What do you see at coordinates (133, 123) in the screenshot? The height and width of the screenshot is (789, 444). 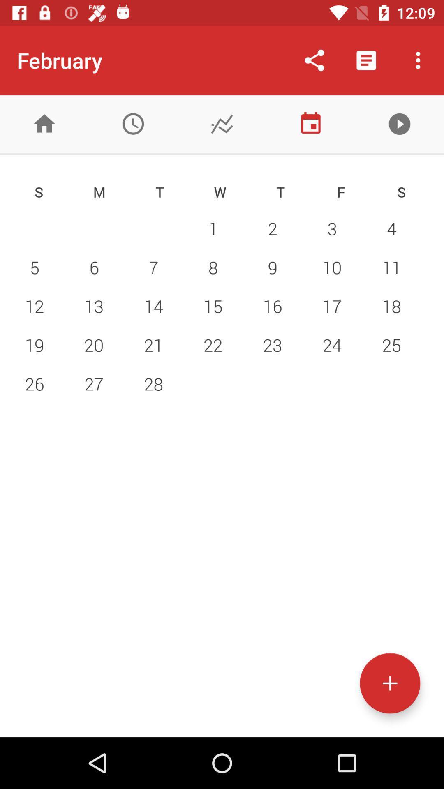 I see `clock/time` at bounding box center [133, 123].